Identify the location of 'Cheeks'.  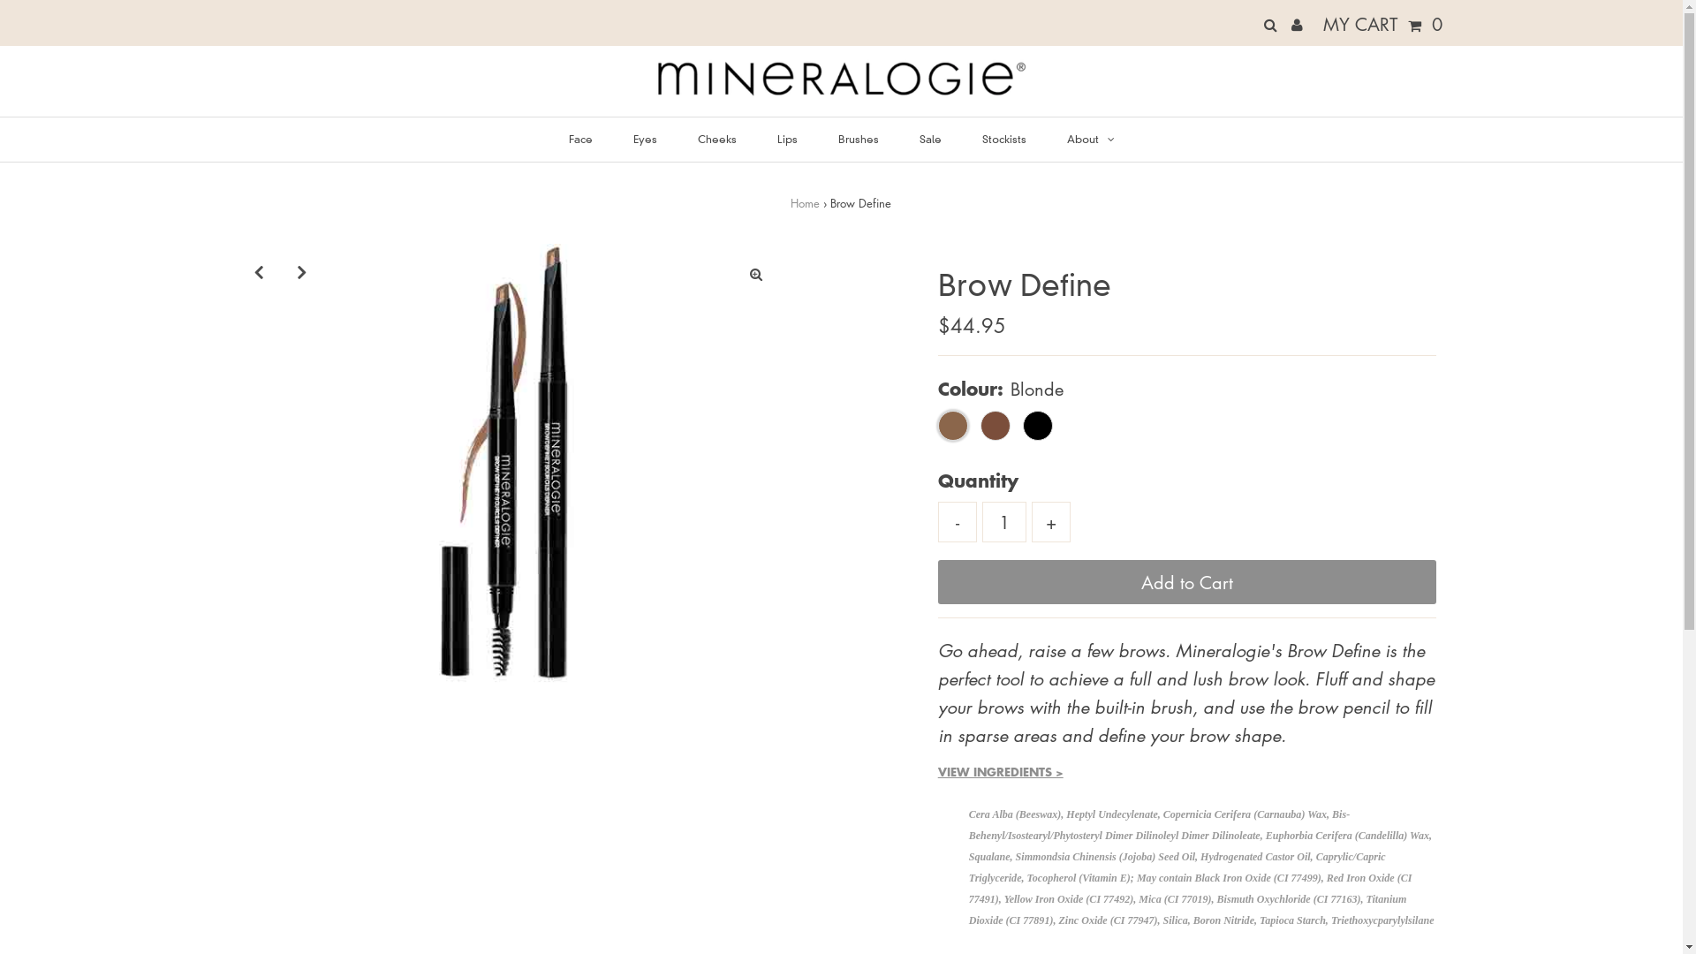
(716, 139).